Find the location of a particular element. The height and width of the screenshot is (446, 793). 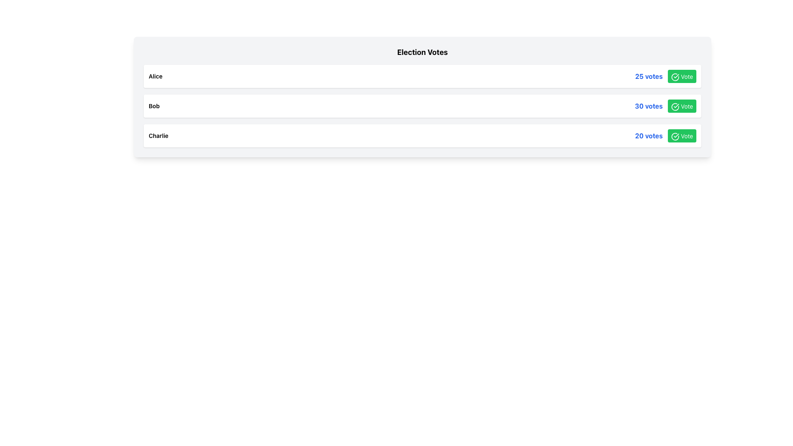

the visual alignment of the horizontal group containing the text span '20 votes' and the 'Vote' button for the candidate 'Charlie' in the right portion of the card is located at coordinates (665, 135).